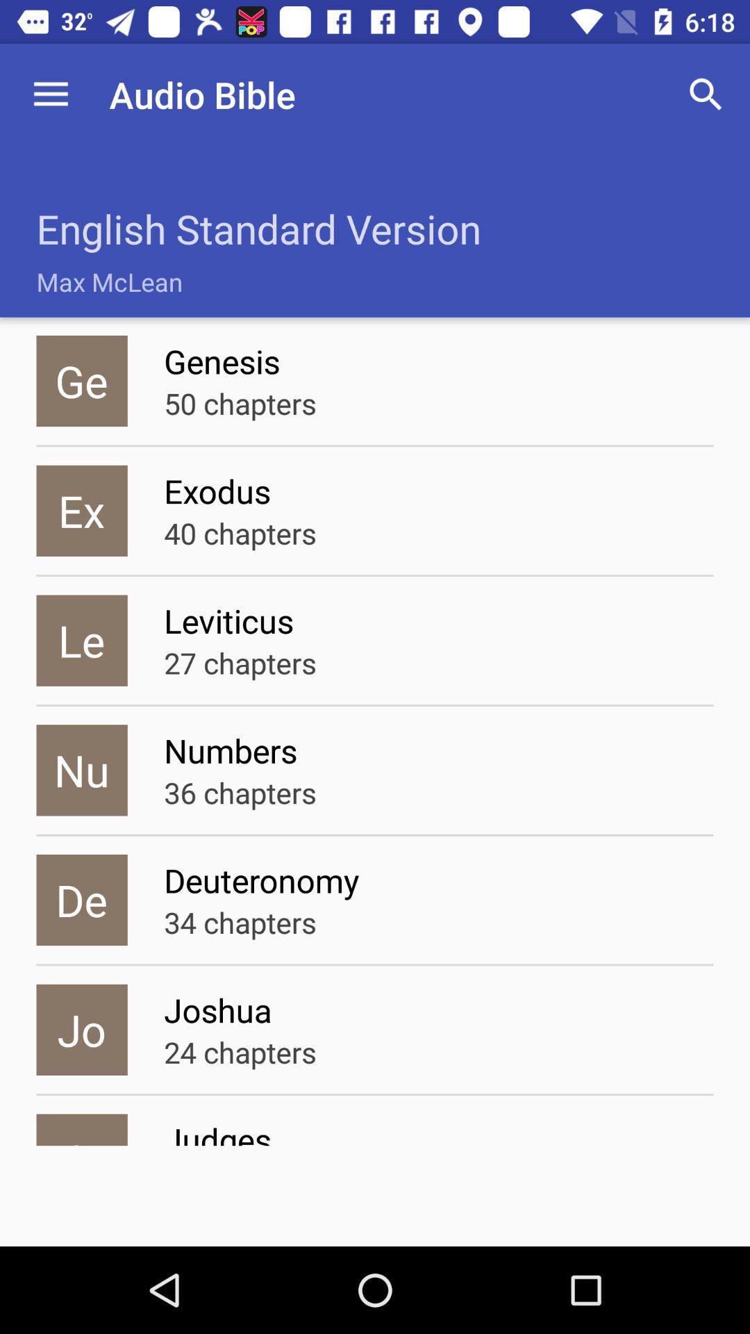 The width and height of the screenshot is (750, 1334). What do you see at coordinates (82, 900) in the screenshot?
I see `the item next to deuteronomy item` at bounding box center [82, 900].